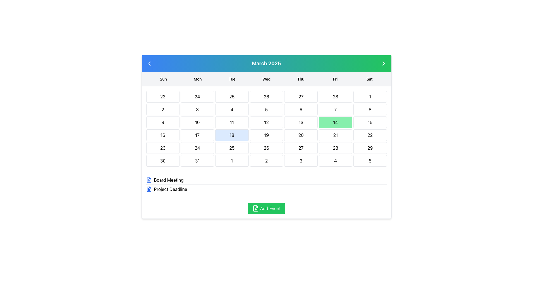 The image size is (536, 301). What do you see at coordinates (335, 122) in the screenshot?
I see `across the Date Cell representing the 14th day of the month` at bounding box center [335, 122].